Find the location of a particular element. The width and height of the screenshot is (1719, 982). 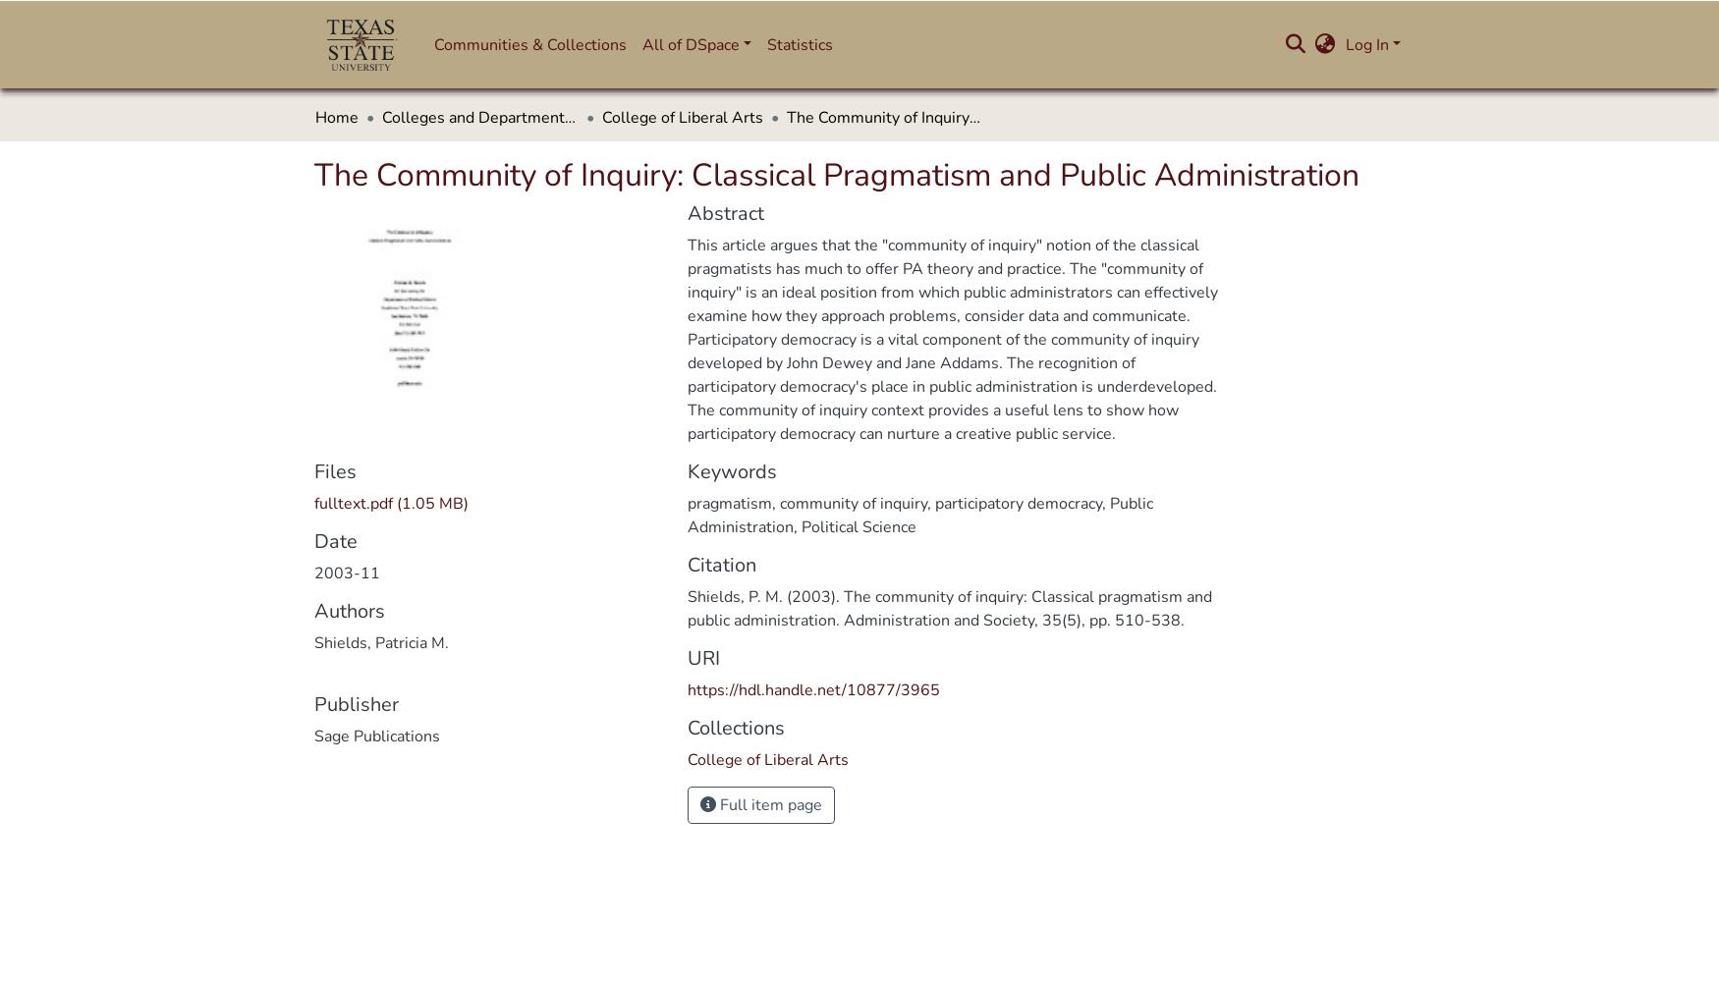

'Publisher' is located at coordinates (356, 703).